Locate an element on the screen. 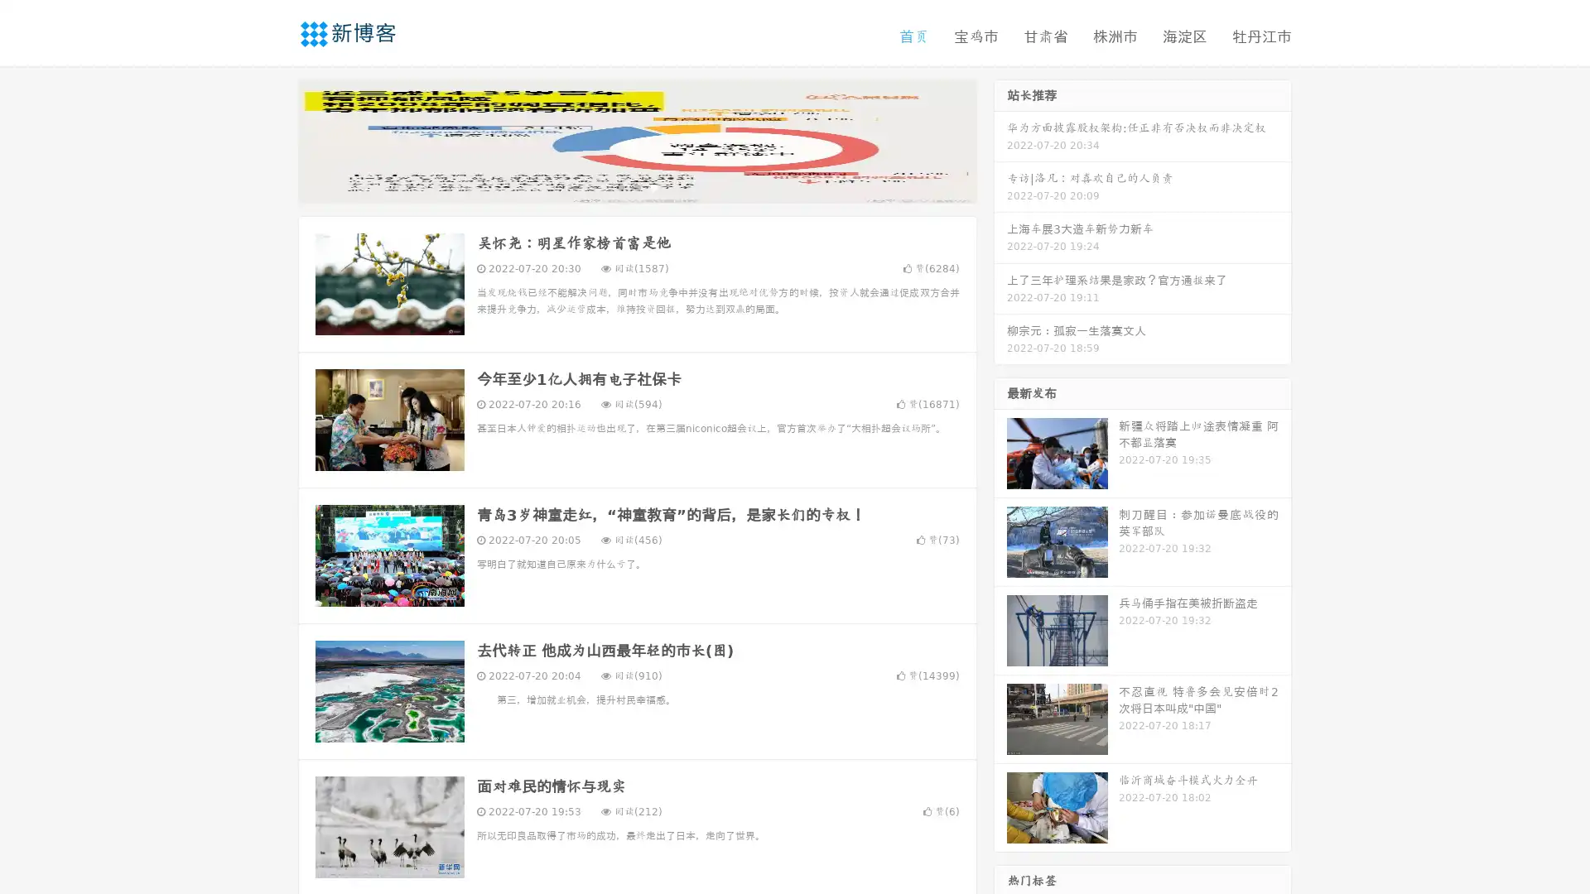  Go to slide 3 is located at coordinates (653, 186).